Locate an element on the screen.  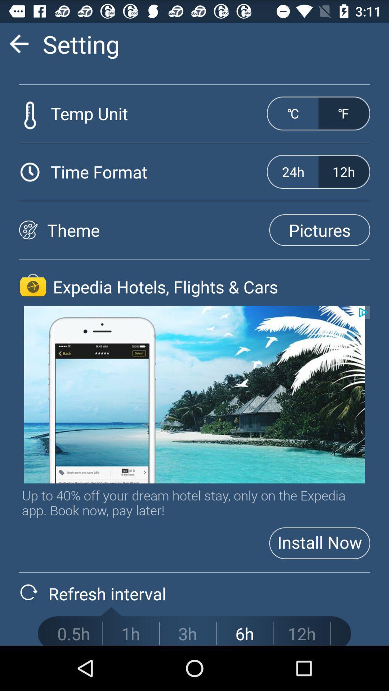
the flight icon is located at coordinates (33, 307).